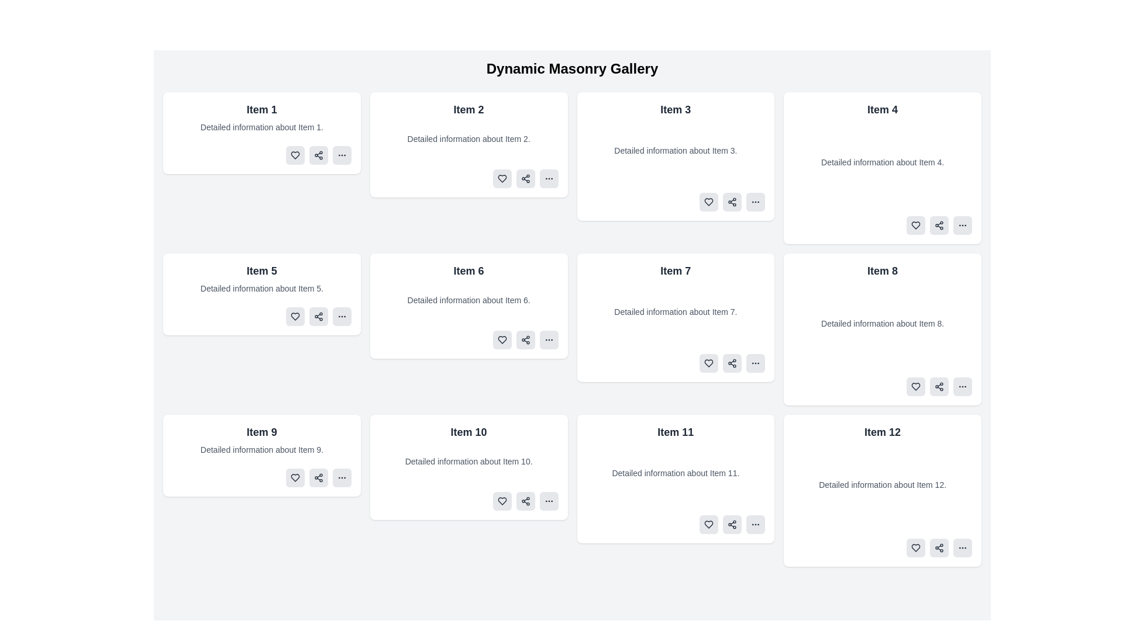 This screenshot has height=631, width=1123. I want to click on the share button located at the bottom-right of the 'Item 12' card for accessibility purposes, so click(939, 547).